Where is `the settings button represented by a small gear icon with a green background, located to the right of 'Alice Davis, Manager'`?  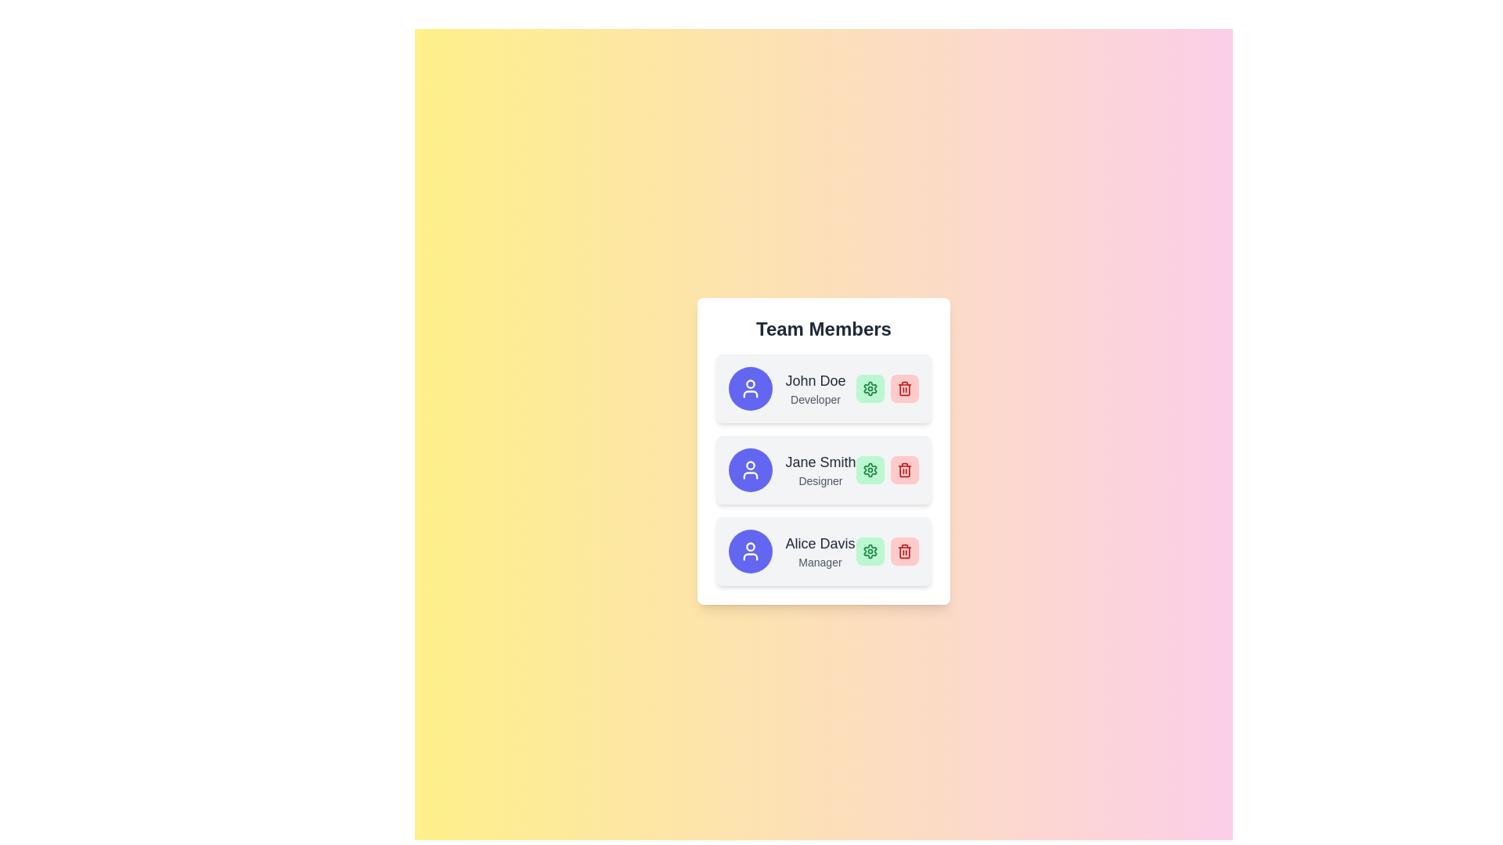 the settings button represented by a small gear icon with a green background, located to the right of 'Alice Davis, Manager' is located at coordinates (868, 551).